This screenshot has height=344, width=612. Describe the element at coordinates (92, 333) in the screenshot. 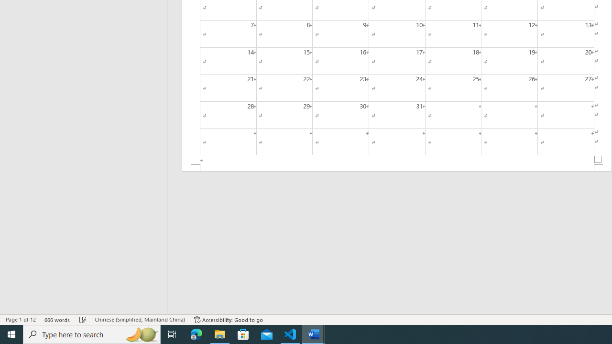

I see `'Type here to search'` at that location.